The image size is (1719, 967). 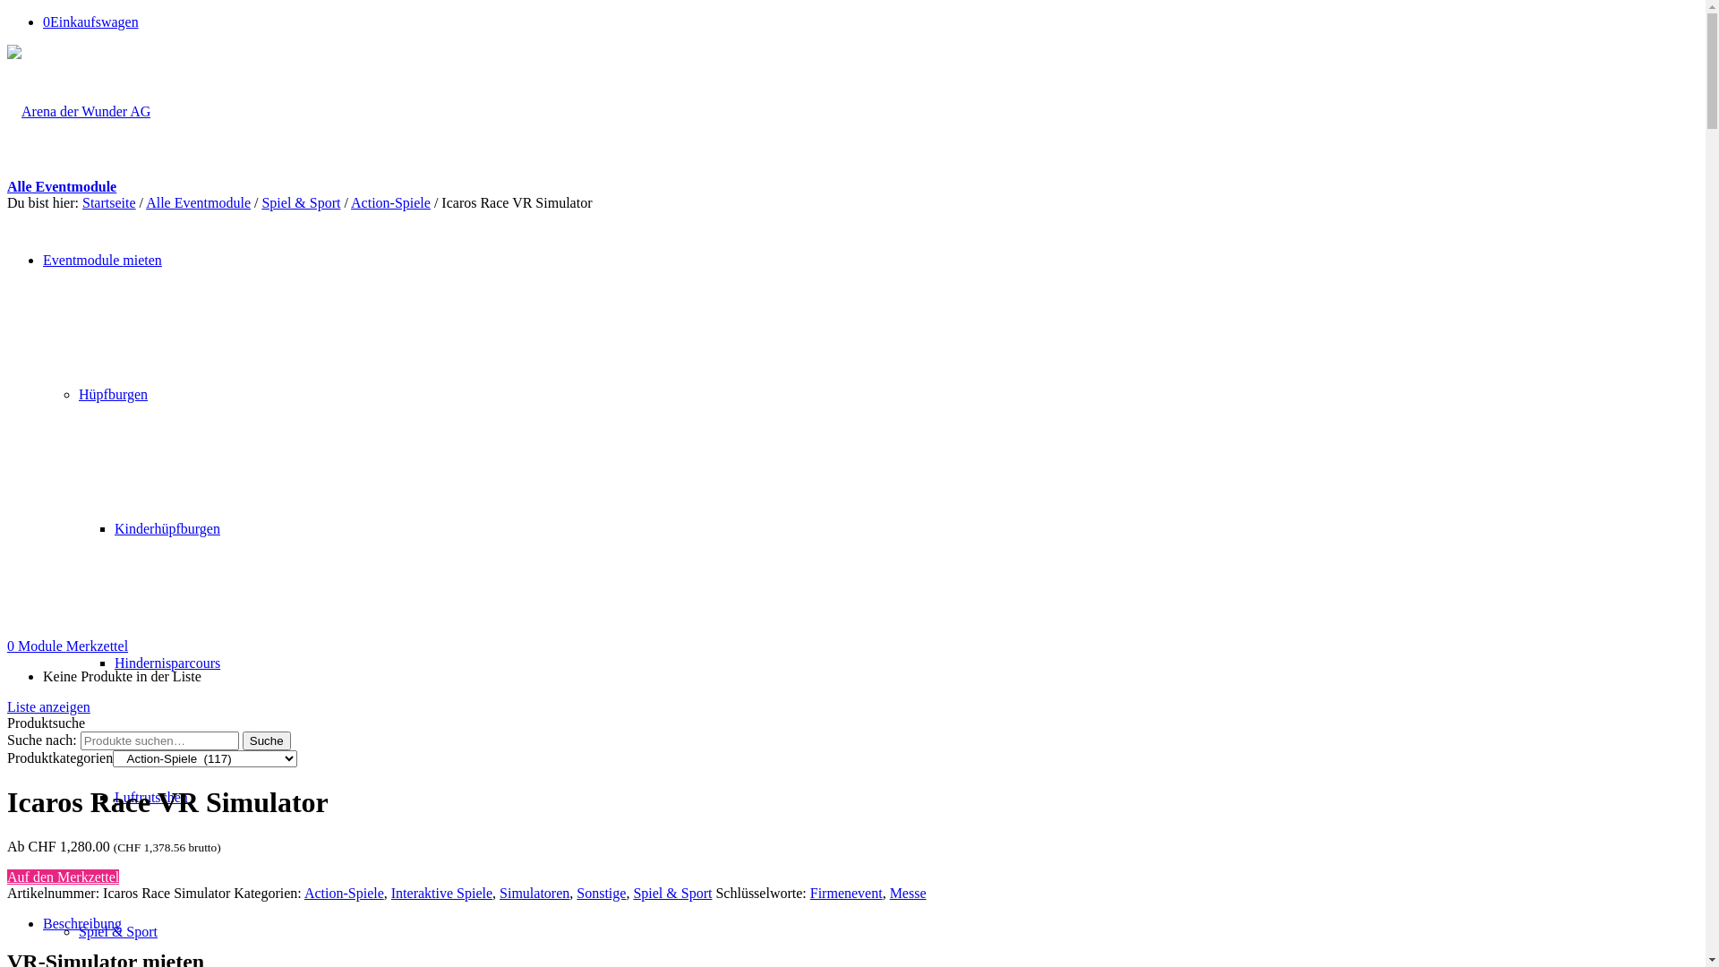 What do you see at coordinates (81, 923) in the screenshot?
I see `'Beschreibung'` at bounding box center [81, 923].